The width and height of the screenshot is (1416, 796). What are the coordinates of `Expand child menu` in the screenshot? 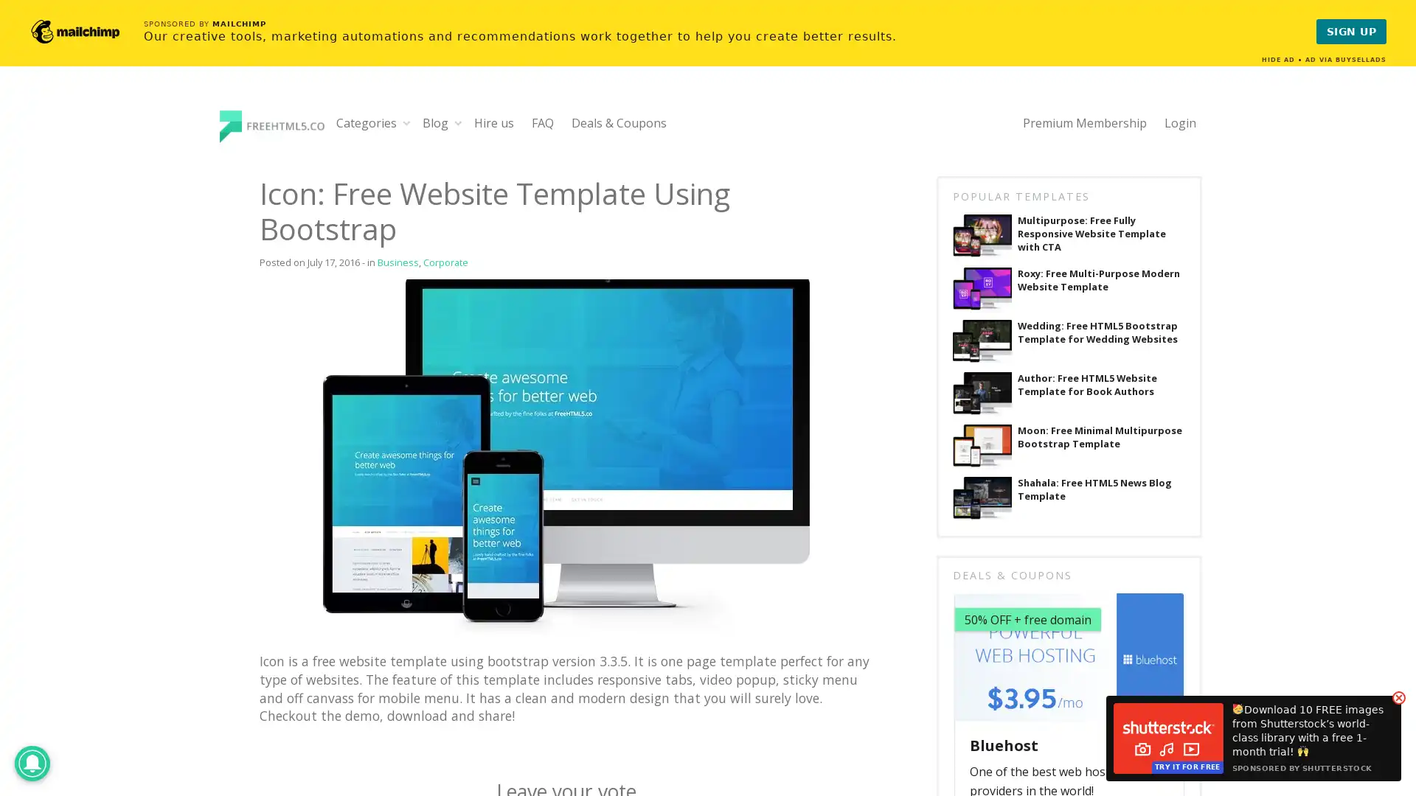 It's located at (406, 122).